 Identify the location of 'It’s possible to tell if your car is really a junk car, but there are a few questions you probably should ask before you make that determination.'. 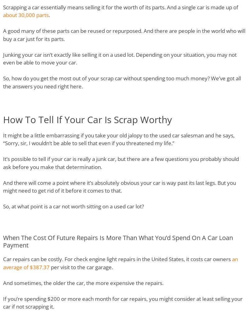
(121, 163).